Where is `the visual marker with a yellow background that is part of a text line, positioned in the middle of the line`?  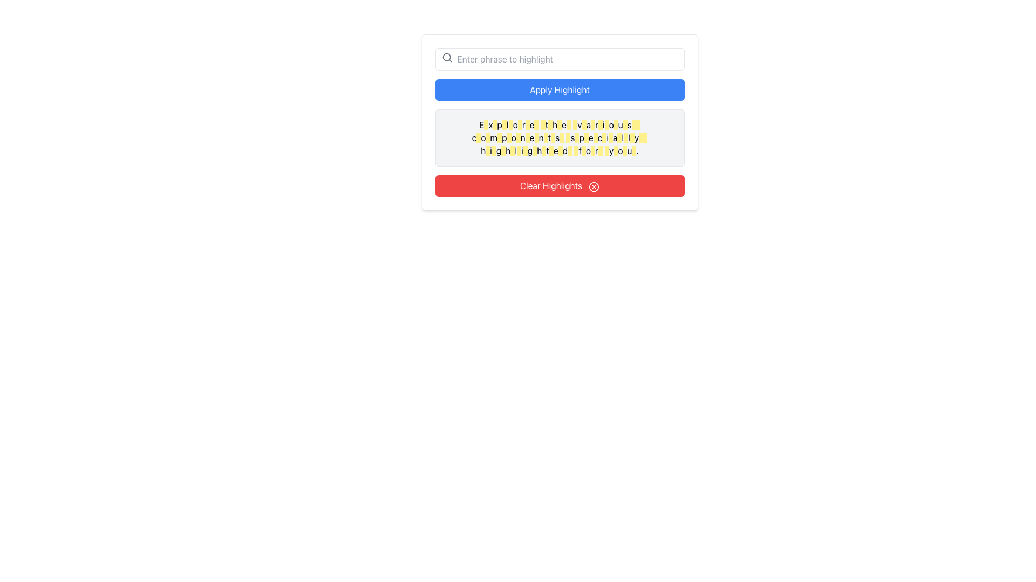
the visual marker with a yellow background that is part of a text line, positioned in the middle of the line is located at coordinates (535, 151).